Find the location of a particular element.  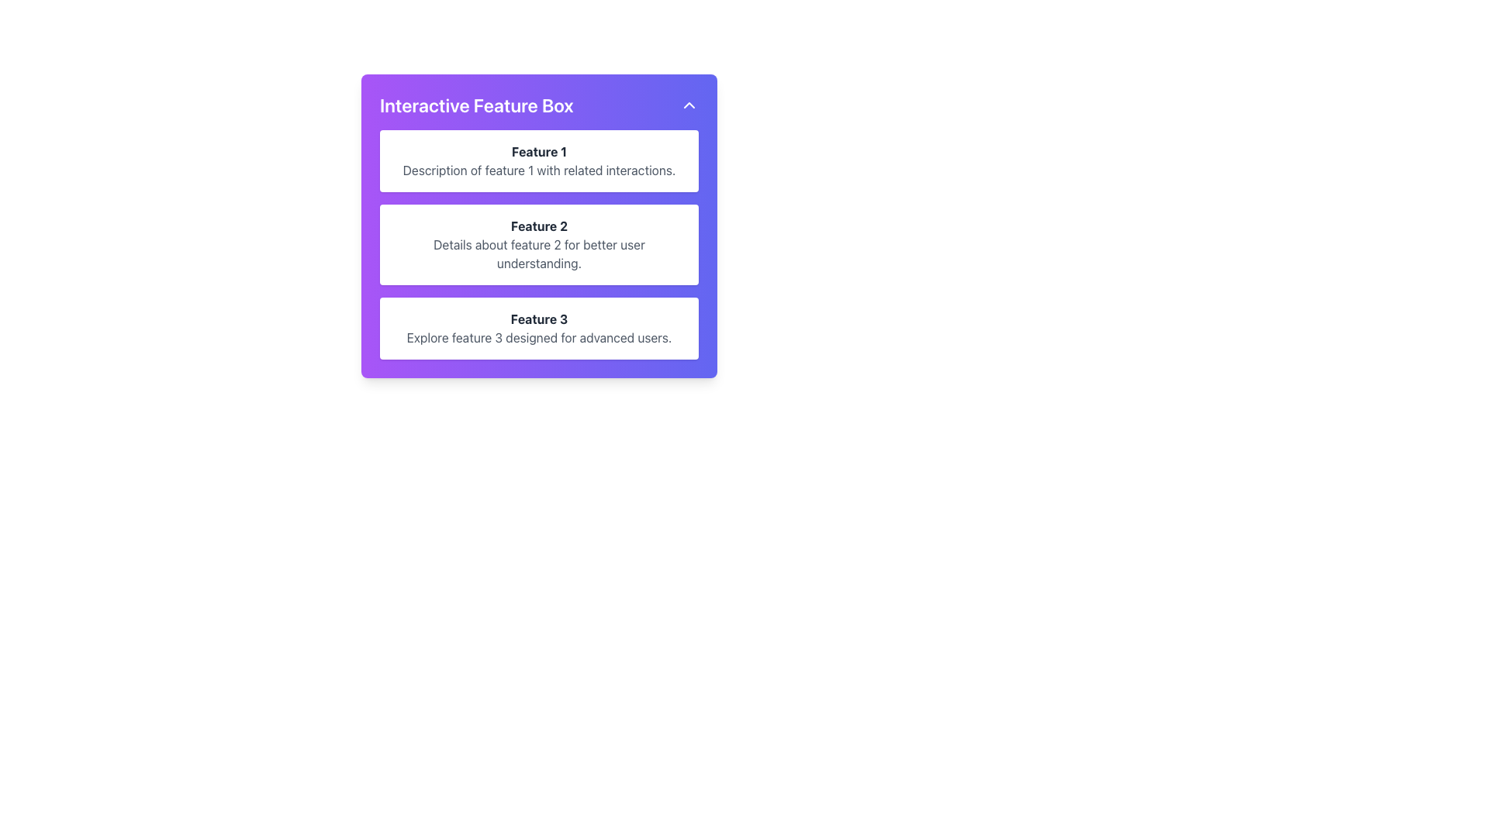

the primary title in the third feature card, which serves as a description for the accompanying content is located at coordinates (539, 319).